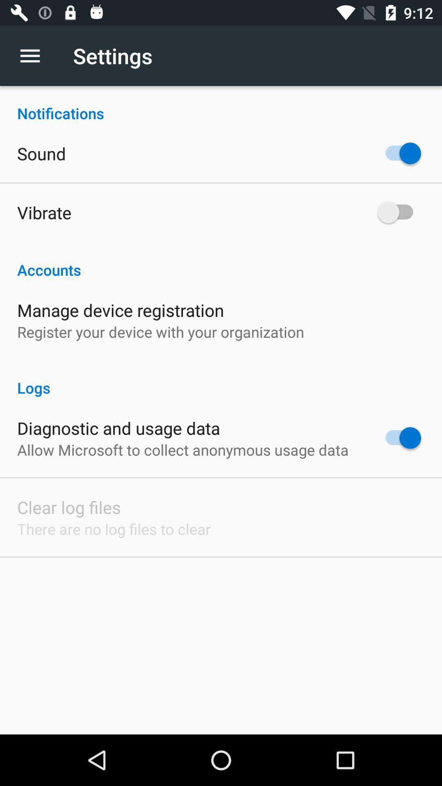  I want to click on allow microsoft to app, so click(183, 449).